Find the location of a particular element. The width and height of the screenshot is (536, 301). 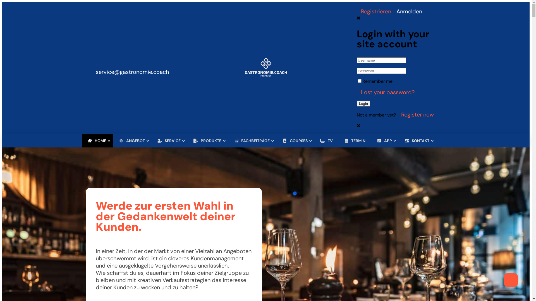

'HOME' is located at coordinates (97, 140).